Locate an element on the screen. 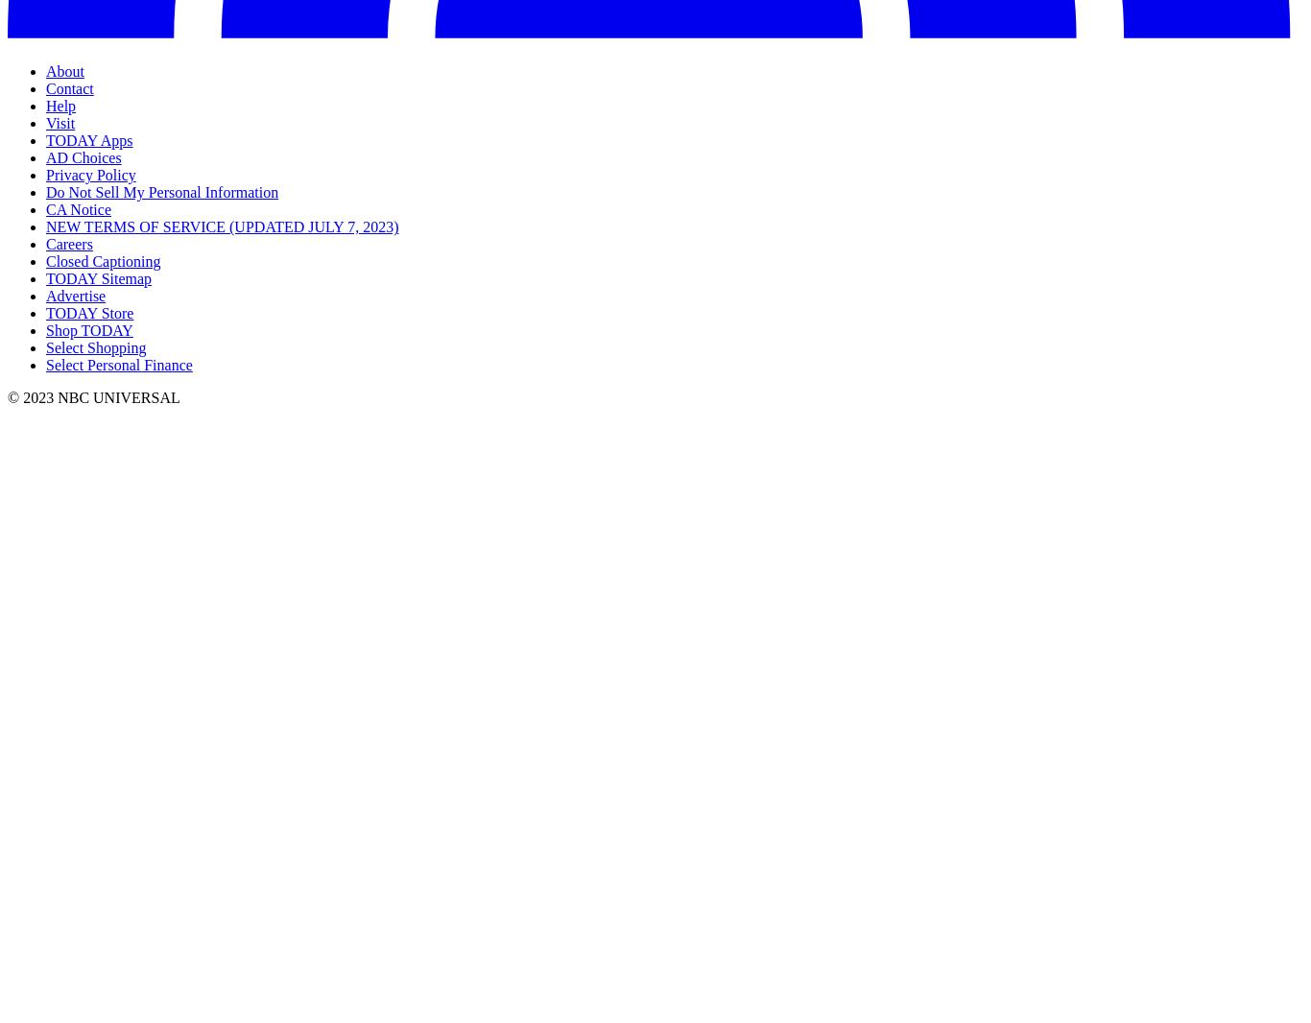  'Closed Captioning' is located at coordinates (103, 261).